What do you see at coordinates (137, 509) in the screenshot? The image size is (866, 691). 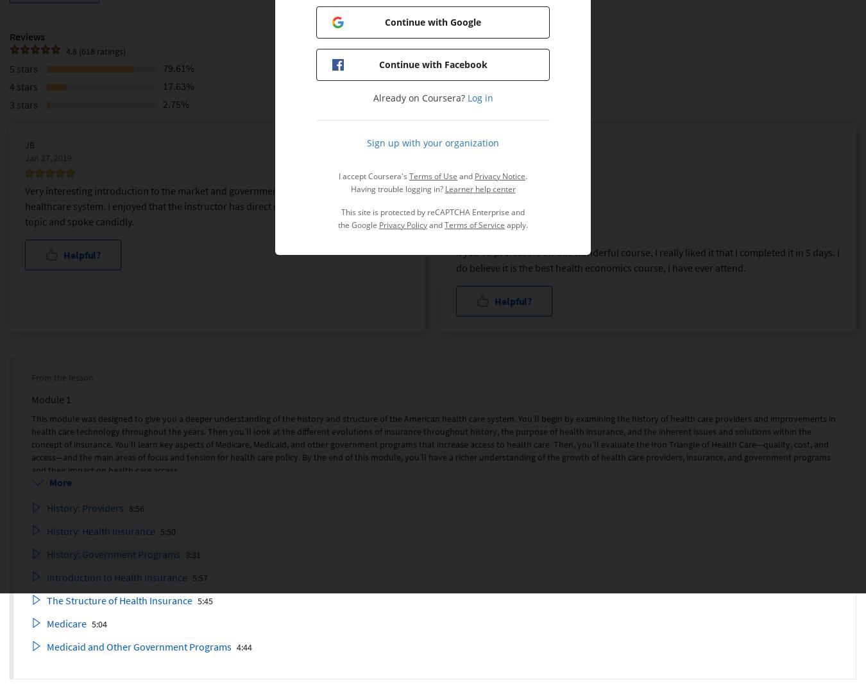 I see `'8:56'` at bounding box center [137, 509].